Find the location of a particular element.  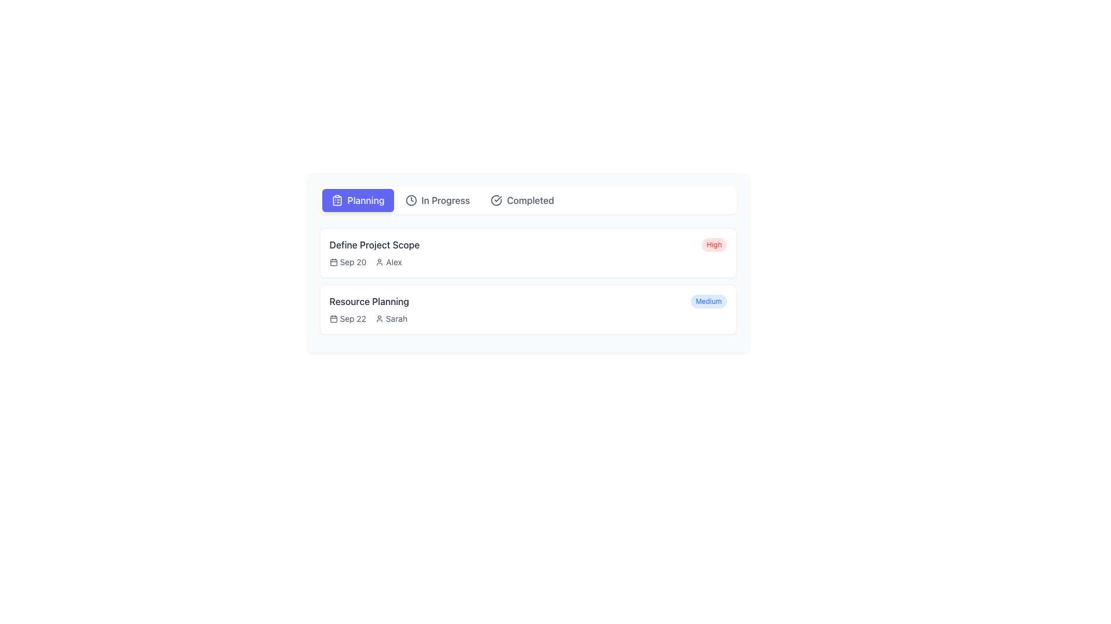

the 'In Progress' button, which is the second button in a horizontal arrangement of three buttons is located at coordinates (437, 200).